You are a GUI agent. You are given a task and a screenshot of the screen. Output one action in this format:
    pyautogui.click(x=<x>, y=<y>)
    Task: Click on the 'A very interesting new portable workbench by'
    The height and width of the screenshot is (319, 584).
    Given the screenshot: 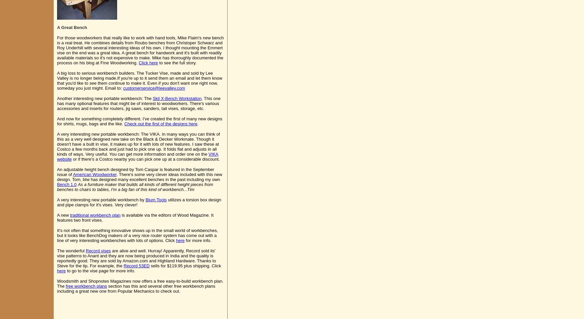 What is the action you would take?
    pyautogui.click(x=56, y=199)
    